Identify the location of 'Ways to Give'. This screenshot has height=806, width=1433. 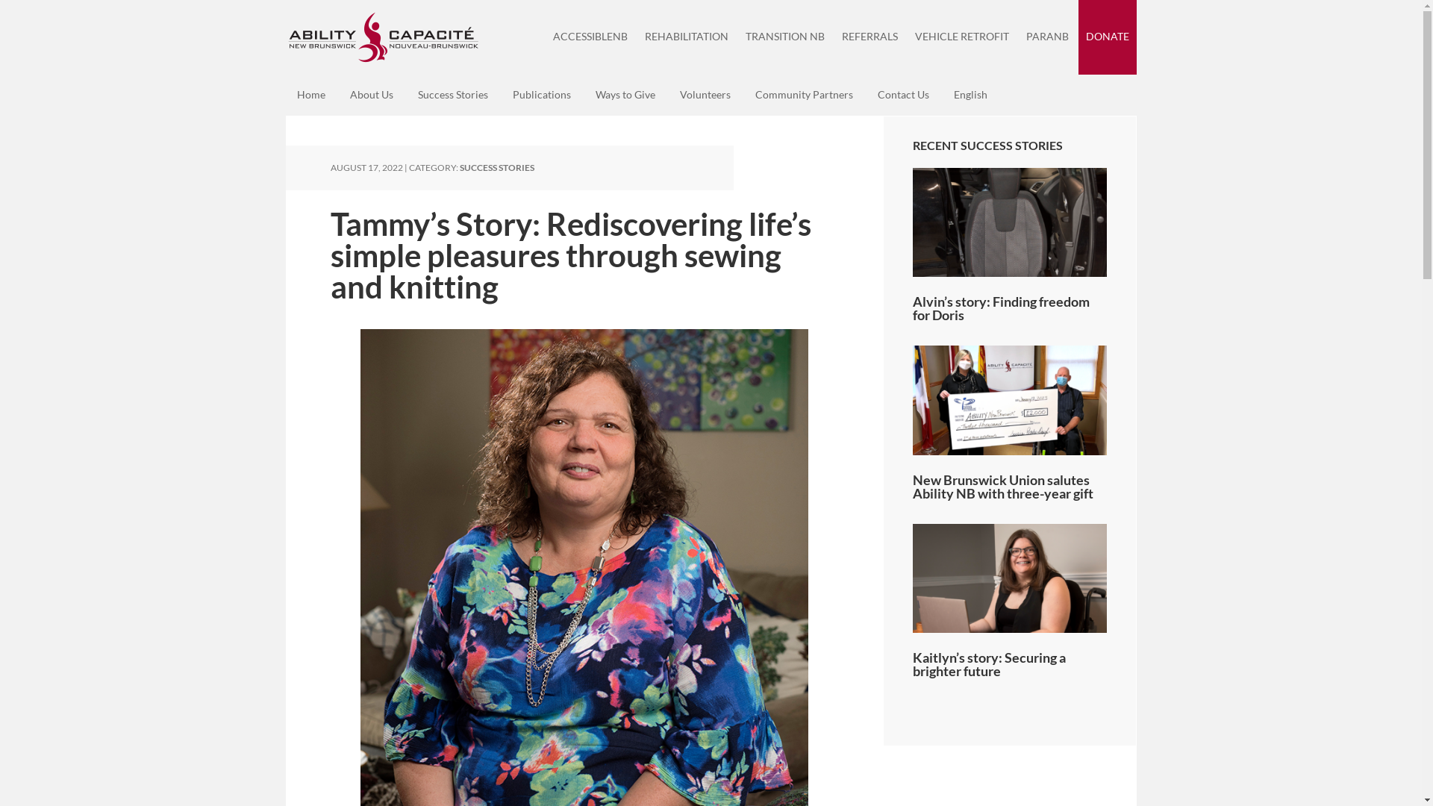
(624, 95).